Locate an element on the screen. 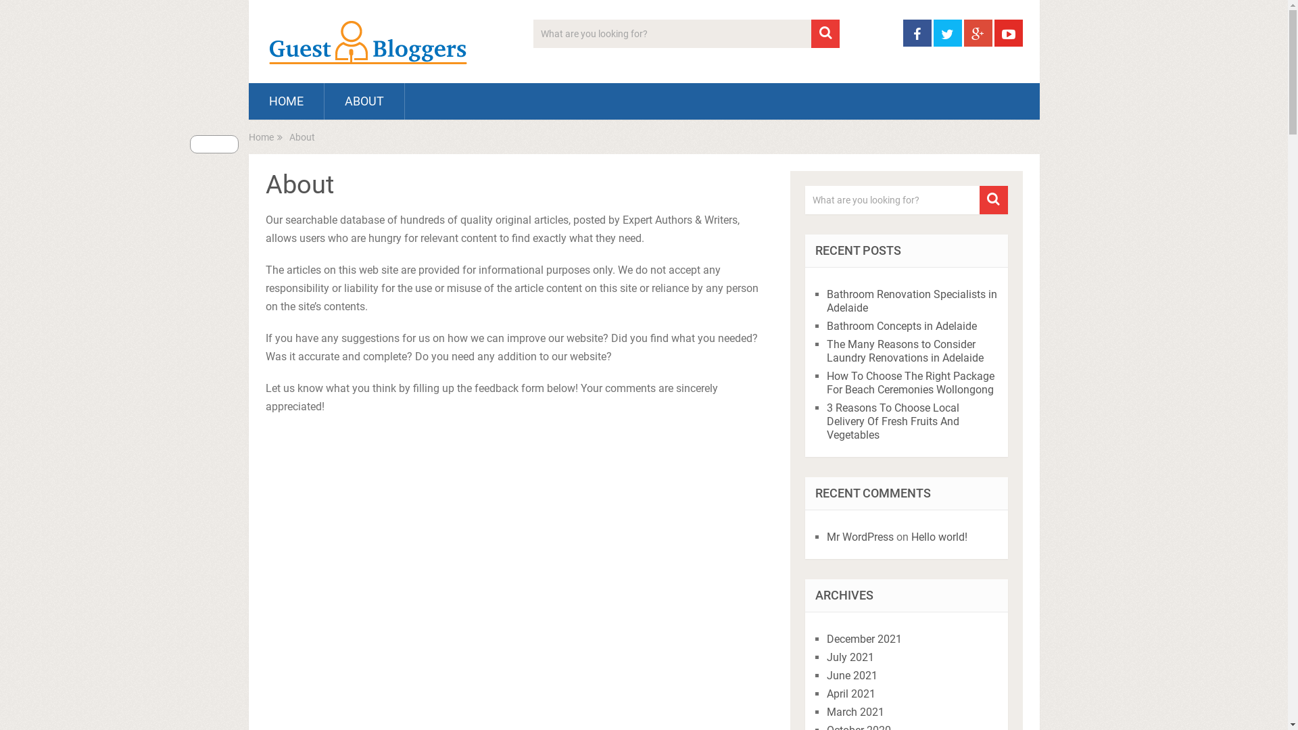 The image size is (1298, 730). 'March 2021' is located at coordinates (826, 711).